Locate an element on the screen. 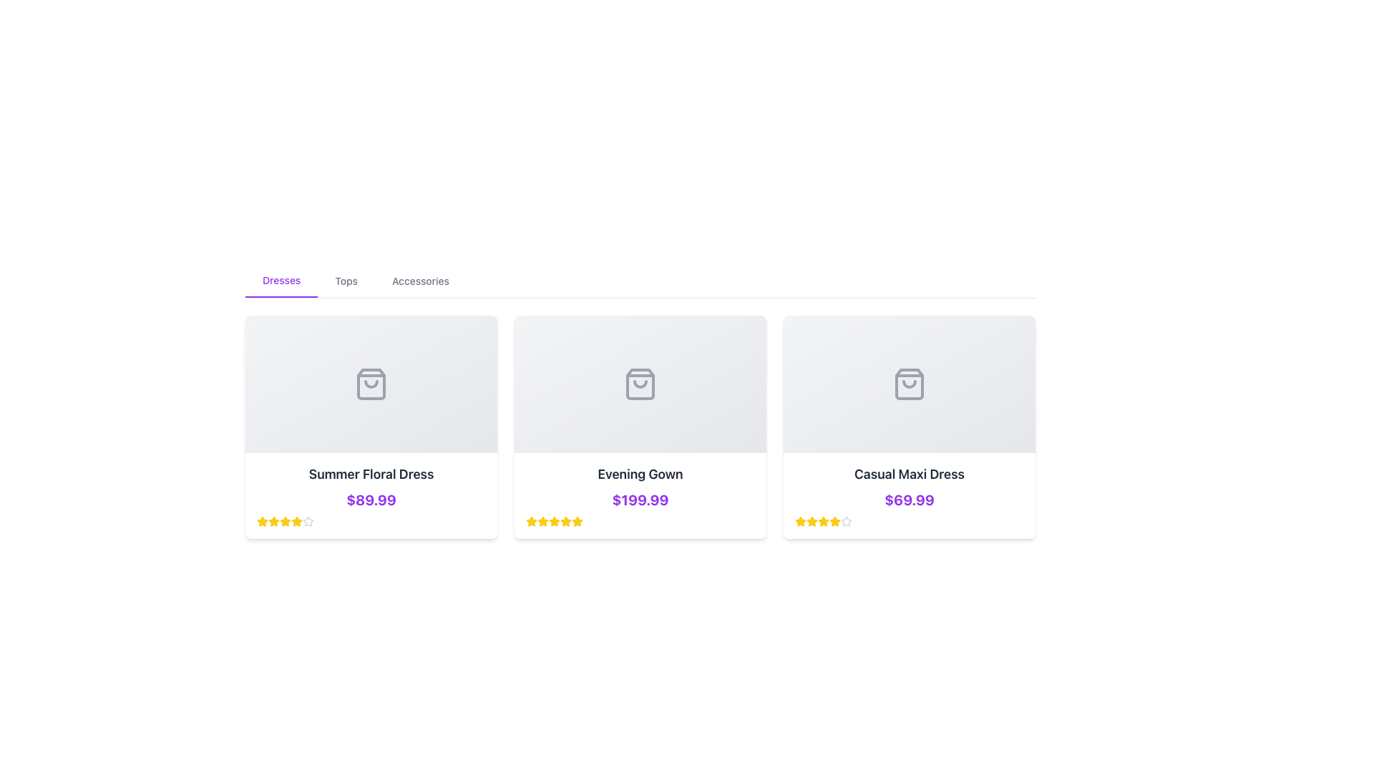  the price text label displaying the cost of the product 'Casual Maxi Dress', which is located below the product title and above the rating section is located at coordinates (909, 499).